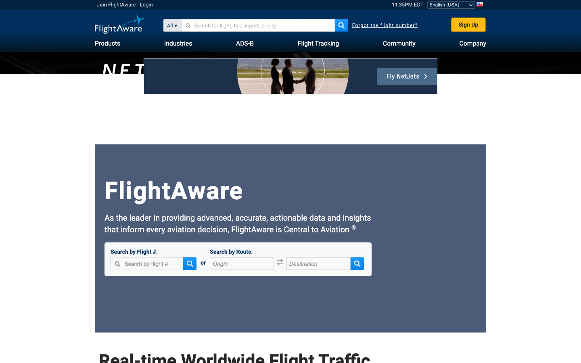  What do you see at coordinates (191, 25) in the screenshot?
I see `a Private Jet using its tail number: 1234` at bounding box center [191, 25].